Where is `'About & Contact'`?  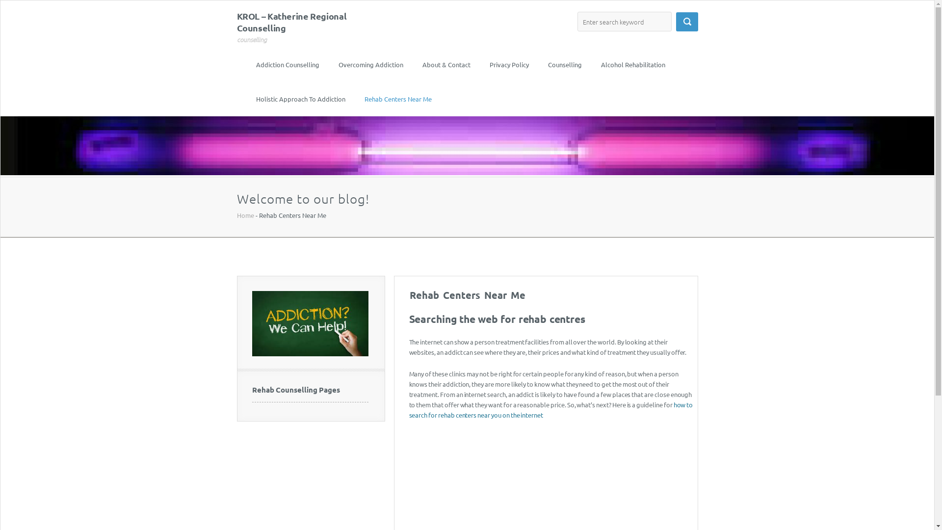 'About & Contact' is located at coordinates (421, 64).